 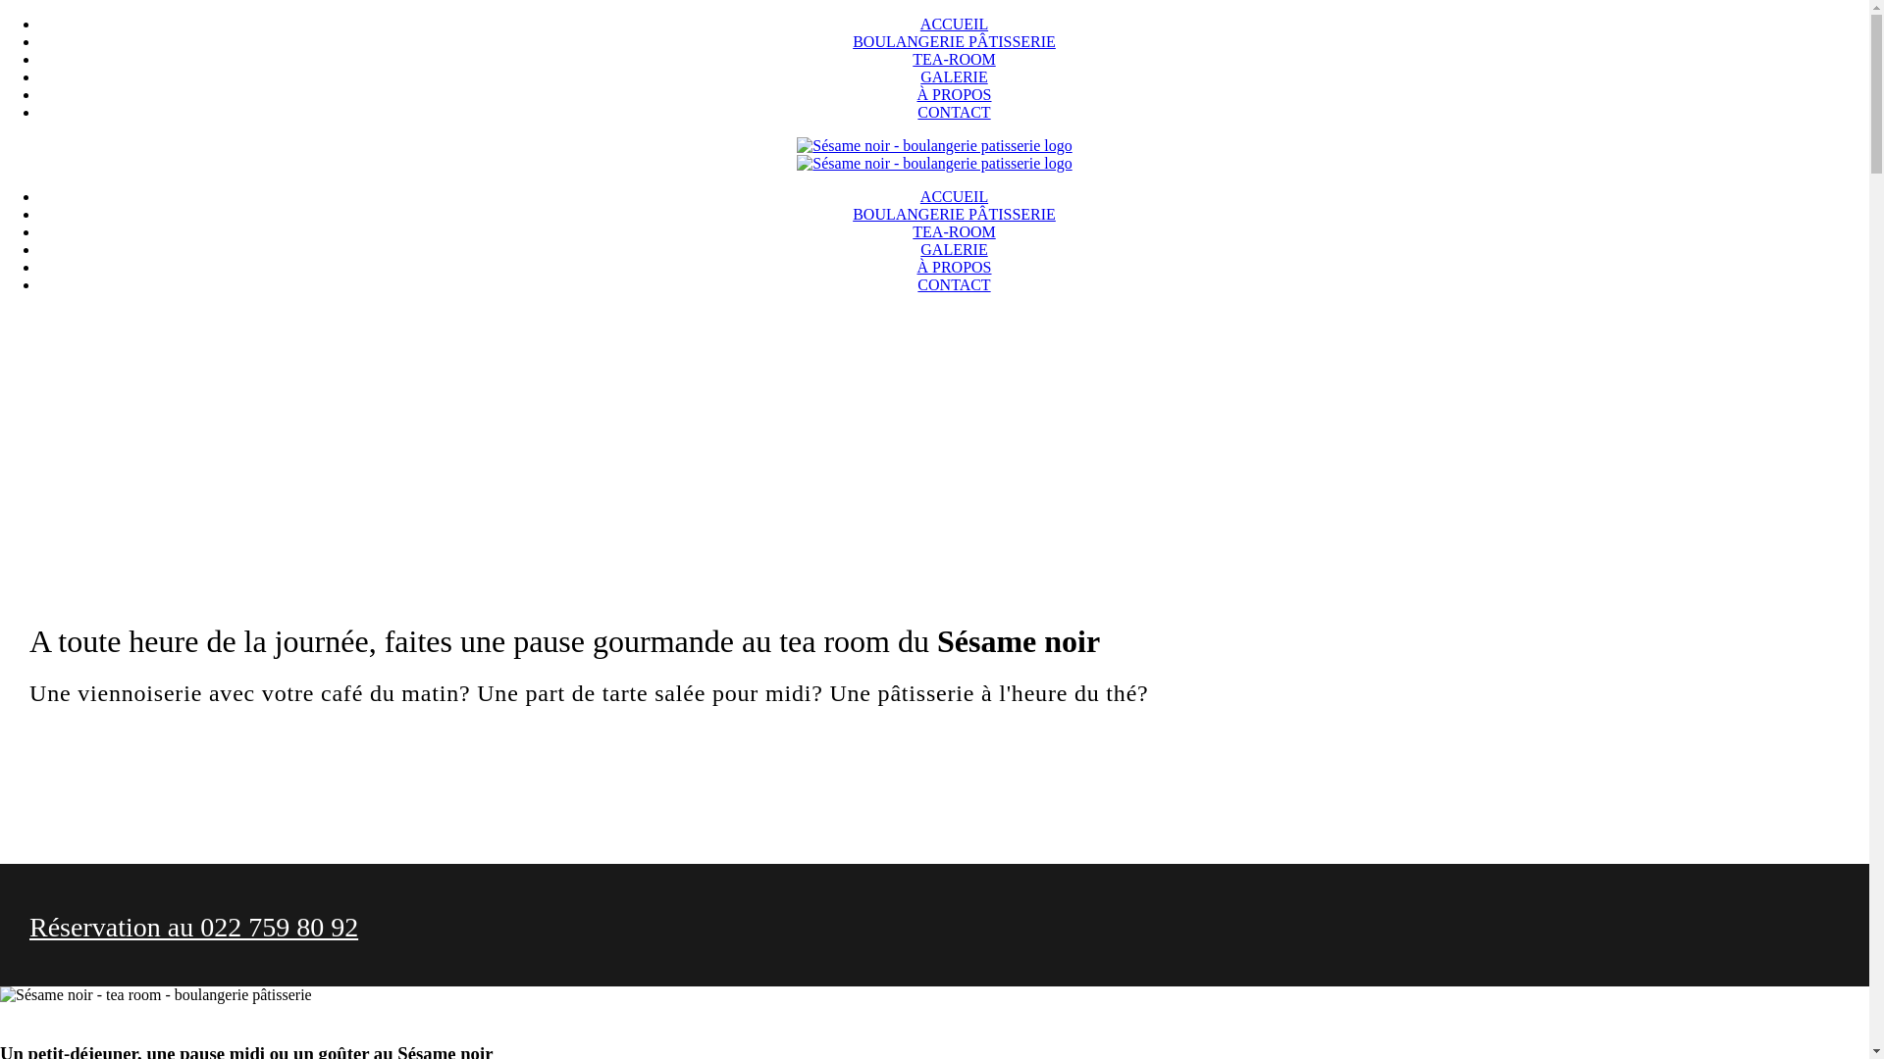 I want to click on 'TEA-ROOM', so click(x=953, y=230).